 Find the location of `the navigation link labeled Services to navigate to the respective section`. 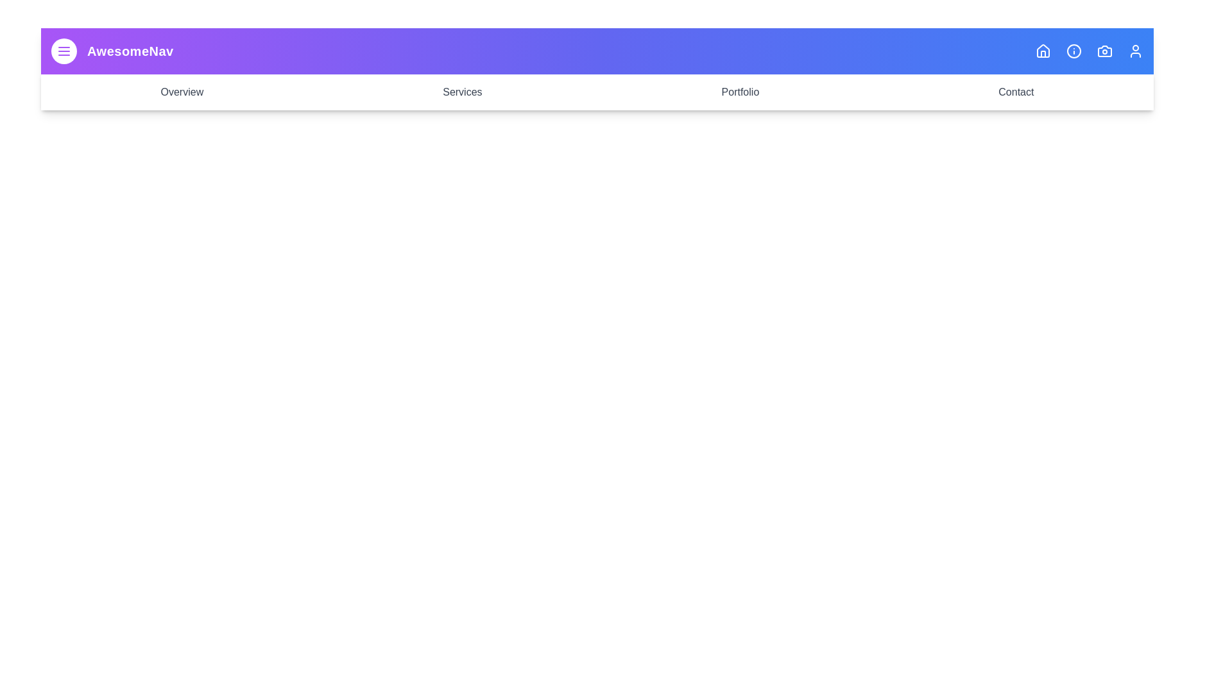

the navigation link labeled Services to navigate to the respective section is located at coordinates (462, 91).